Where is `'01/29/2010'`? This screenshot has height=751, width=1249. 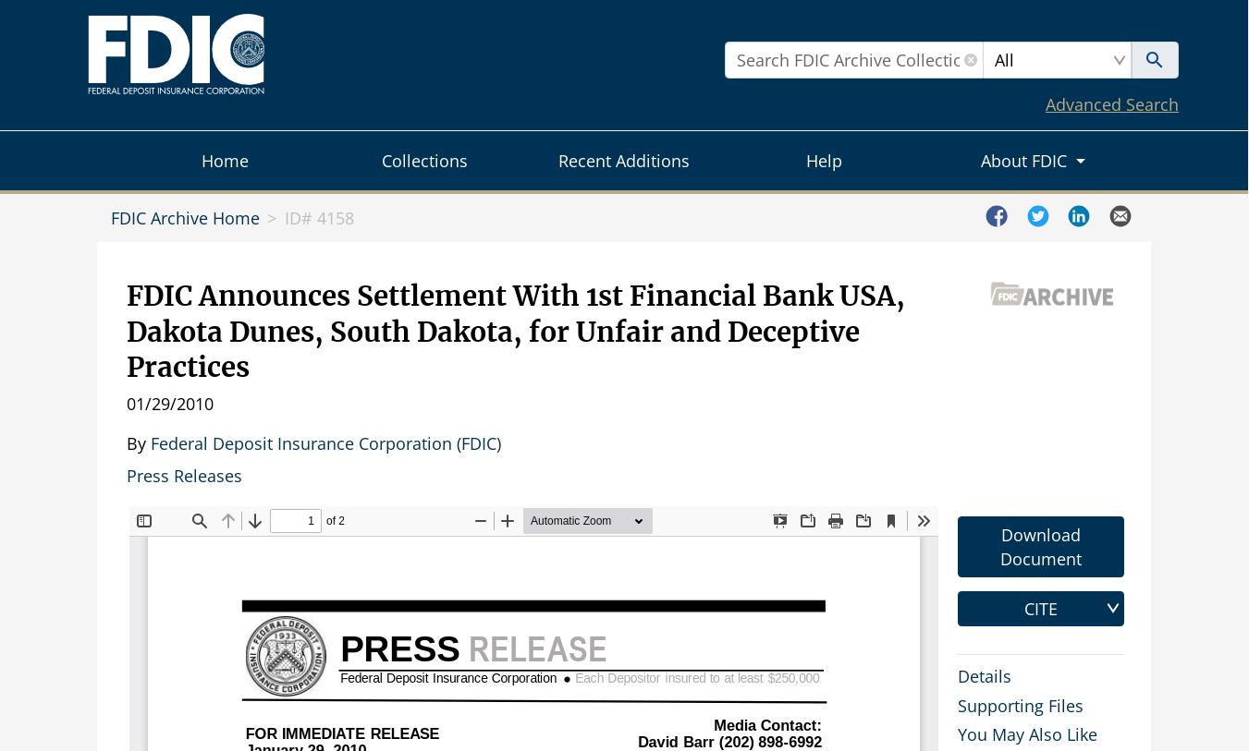
'01/29/2010' is located at coordinates (126, 403).